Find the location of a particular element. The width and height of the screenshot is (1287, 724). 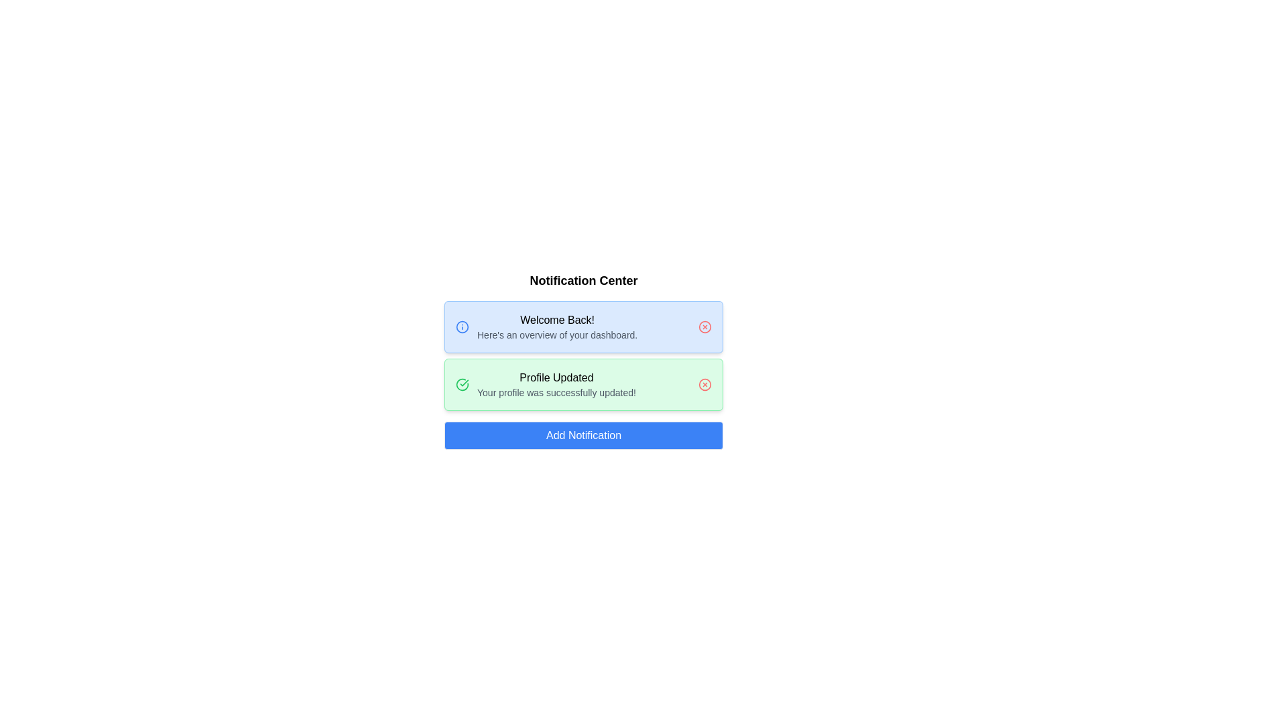

the Text Label that serves as a title or greeting message, welcoming the user back, located in the light blue card-style component below the 'Notification Center' header is located at coordinates (557, 320).